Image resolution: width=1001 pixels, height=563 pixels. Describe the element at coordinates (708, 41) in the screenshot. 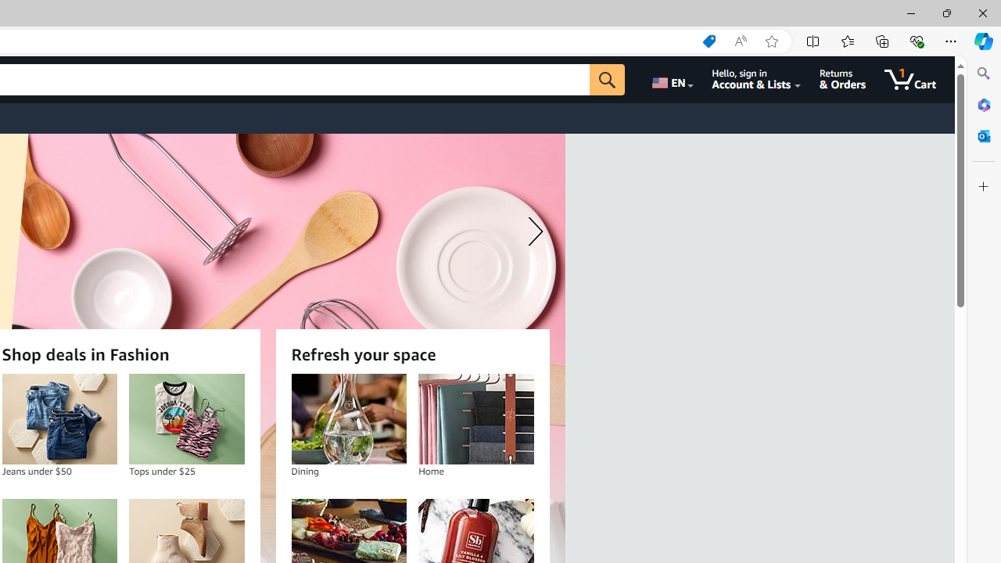

I see `'Shopping in Microsoft Edge'` at that location.